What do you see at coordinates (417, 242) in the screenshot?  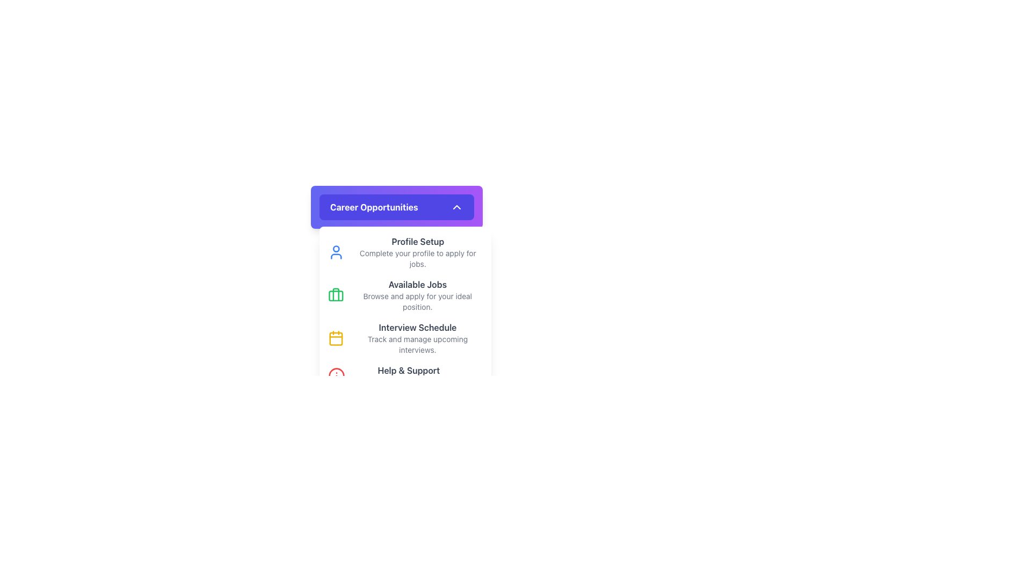 I see `the header text indicating the 'Profile Setup' task located near the top of the dropdown list under the 'Career Opportunities' button` at bounding box center [417, 242].